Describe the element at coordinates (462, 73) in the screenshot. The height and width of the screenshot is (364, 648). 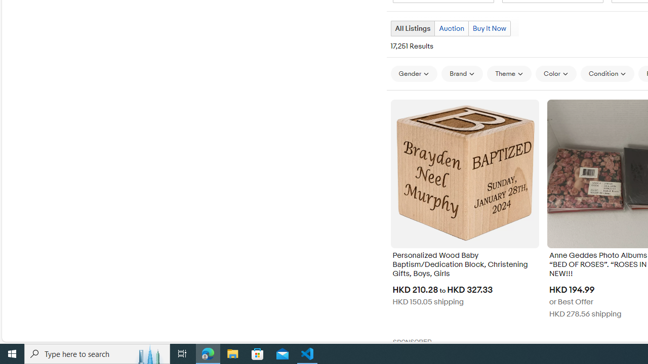
I see `'Brand'` at that location.